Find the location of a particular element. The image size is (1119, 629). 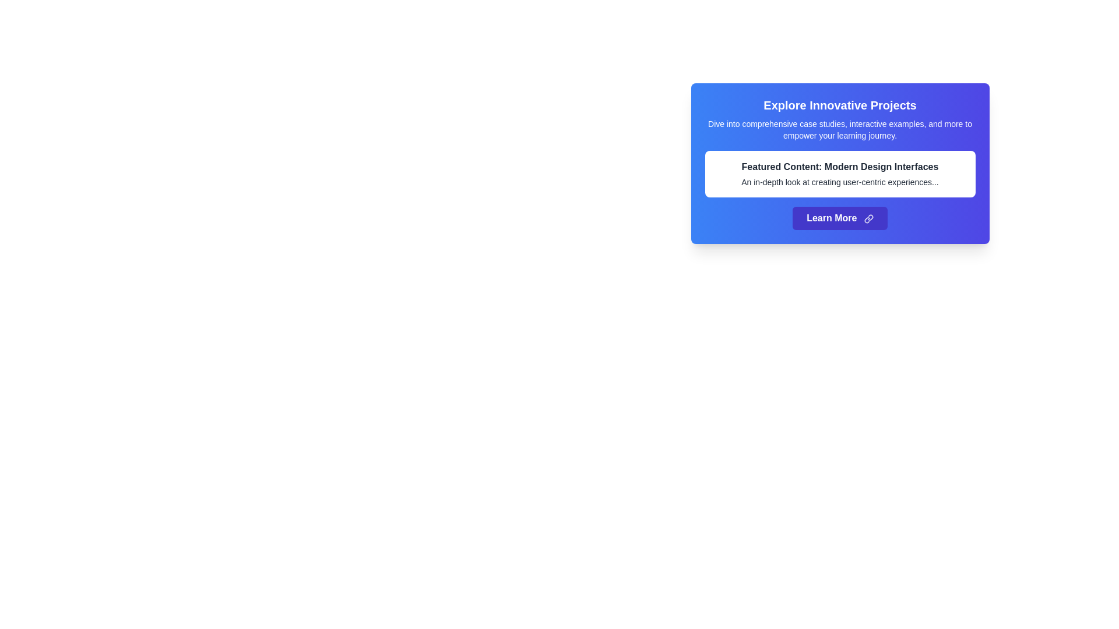

the icon within the 'Learn More' button is located at coordinates (868, 218).